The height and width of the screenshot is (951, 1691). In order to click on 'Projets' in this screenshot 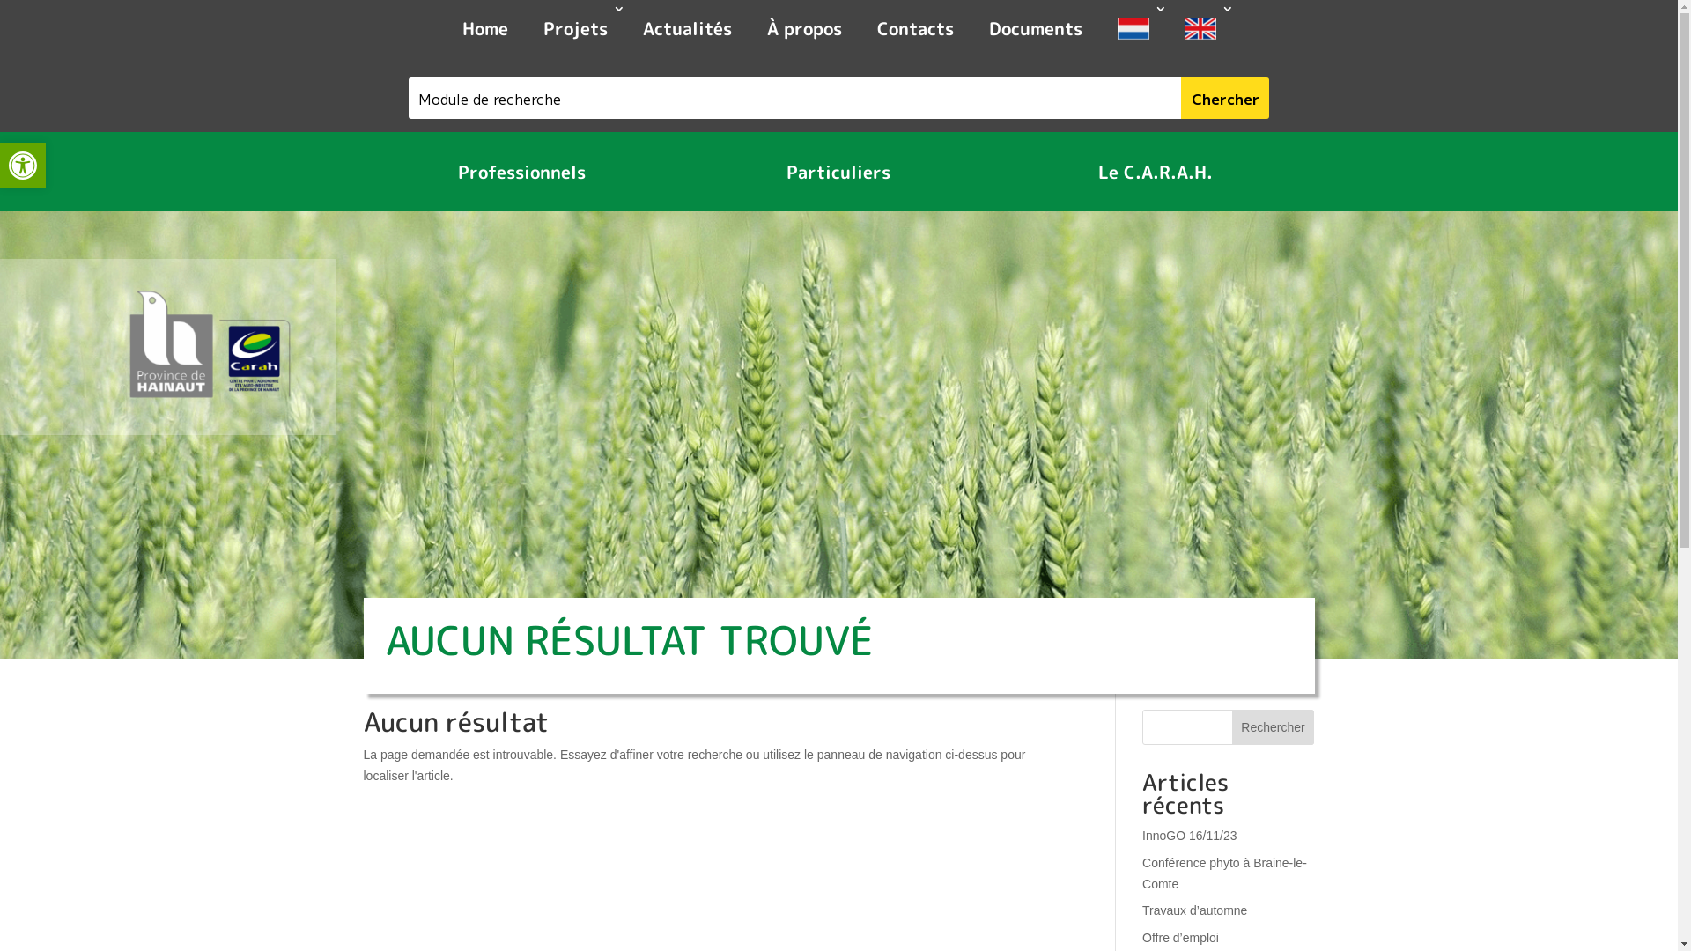, I will do `click(574, 30)`.